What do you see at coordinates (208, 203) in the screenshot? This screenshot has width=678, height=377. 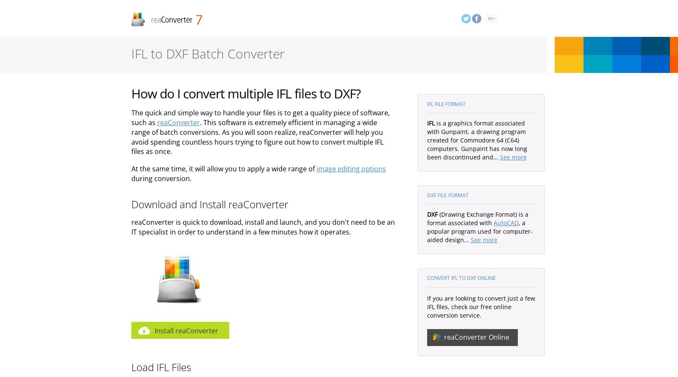 I see `'Download and Install reaConverter'` at bounding box center [208, 203].